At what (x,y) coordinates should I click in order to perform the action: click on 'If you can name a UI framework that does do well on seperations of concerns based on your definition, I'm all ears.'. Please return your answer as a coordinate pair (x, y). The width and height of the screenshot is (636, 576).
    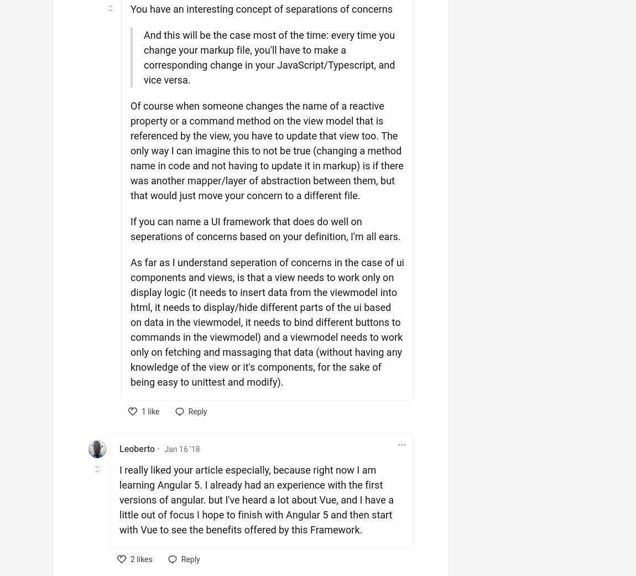
    Looking at the image, I should click on (265, 229).